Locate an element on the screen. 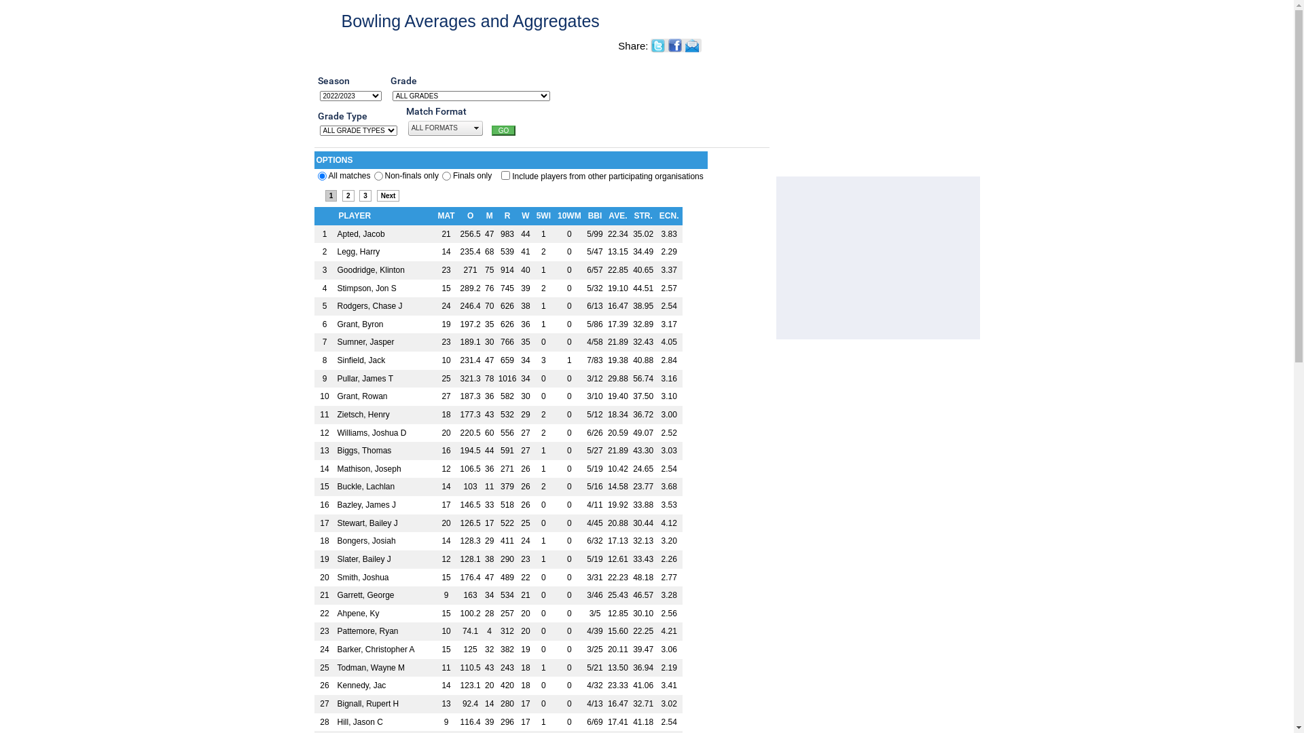  'GO' is located at coordinates (503, 130).